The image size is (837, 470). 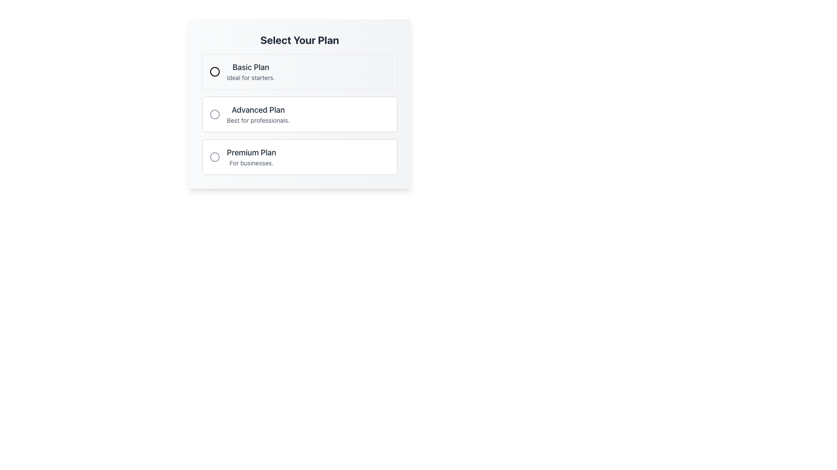 I want to click on information displayed in the 'Advanced Plan' text block element, which includes the title 'Advanced Plan' and the description 'Best for professionals.', so click(x=258, y=114).